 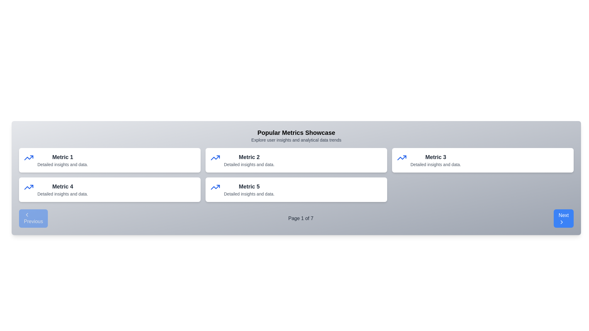 I want to click on the bold, dark gray text label displaying 'Metric 3', which is the third metric label in a horizontally arranged grid of metrics, so click(x=435, y=157).